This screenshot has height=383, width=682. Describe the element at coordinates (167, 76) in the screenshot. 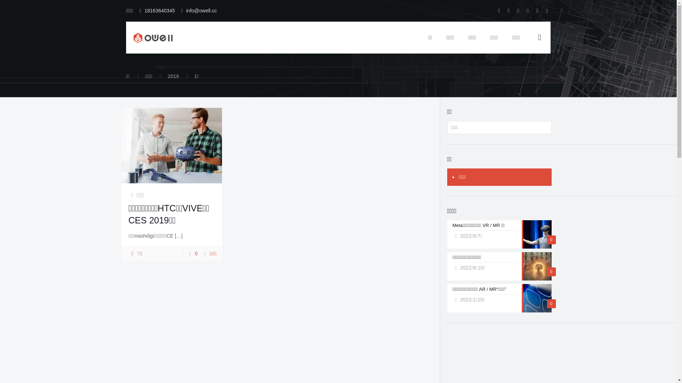

I see `'2019'` at that location.